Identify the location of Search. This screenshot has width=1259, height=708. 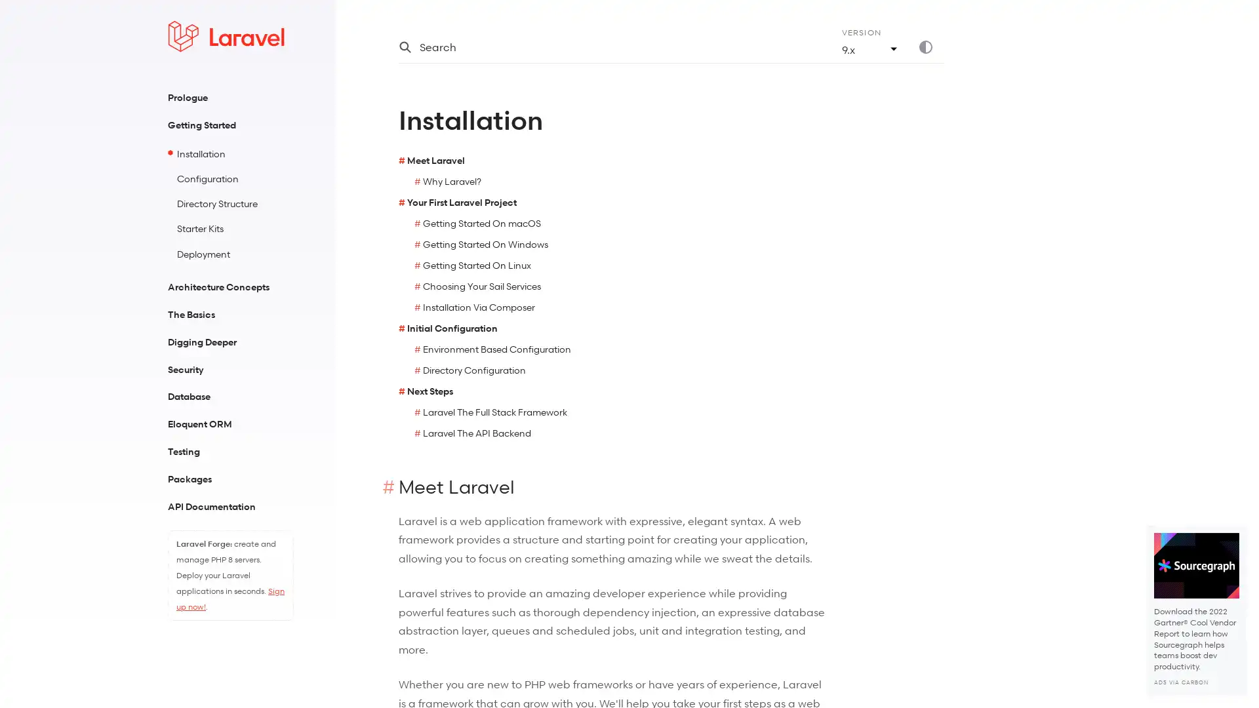
(603, 47).